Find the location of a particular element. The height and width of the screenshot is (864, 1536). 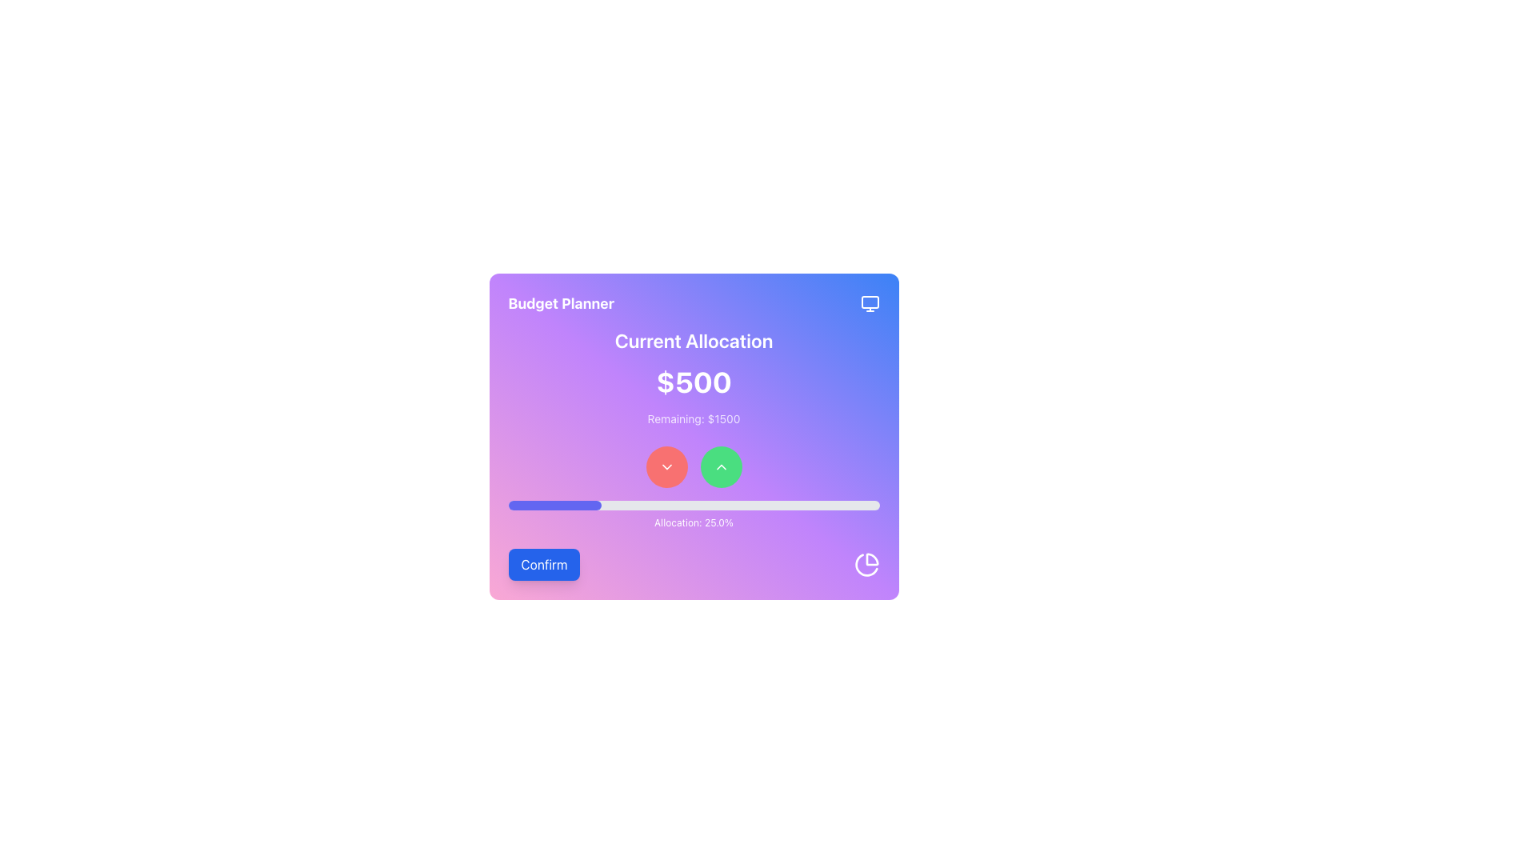

the second segment of the pie chart icon located at the bottom-right corner of the interface is located at coordinates (865, 564).